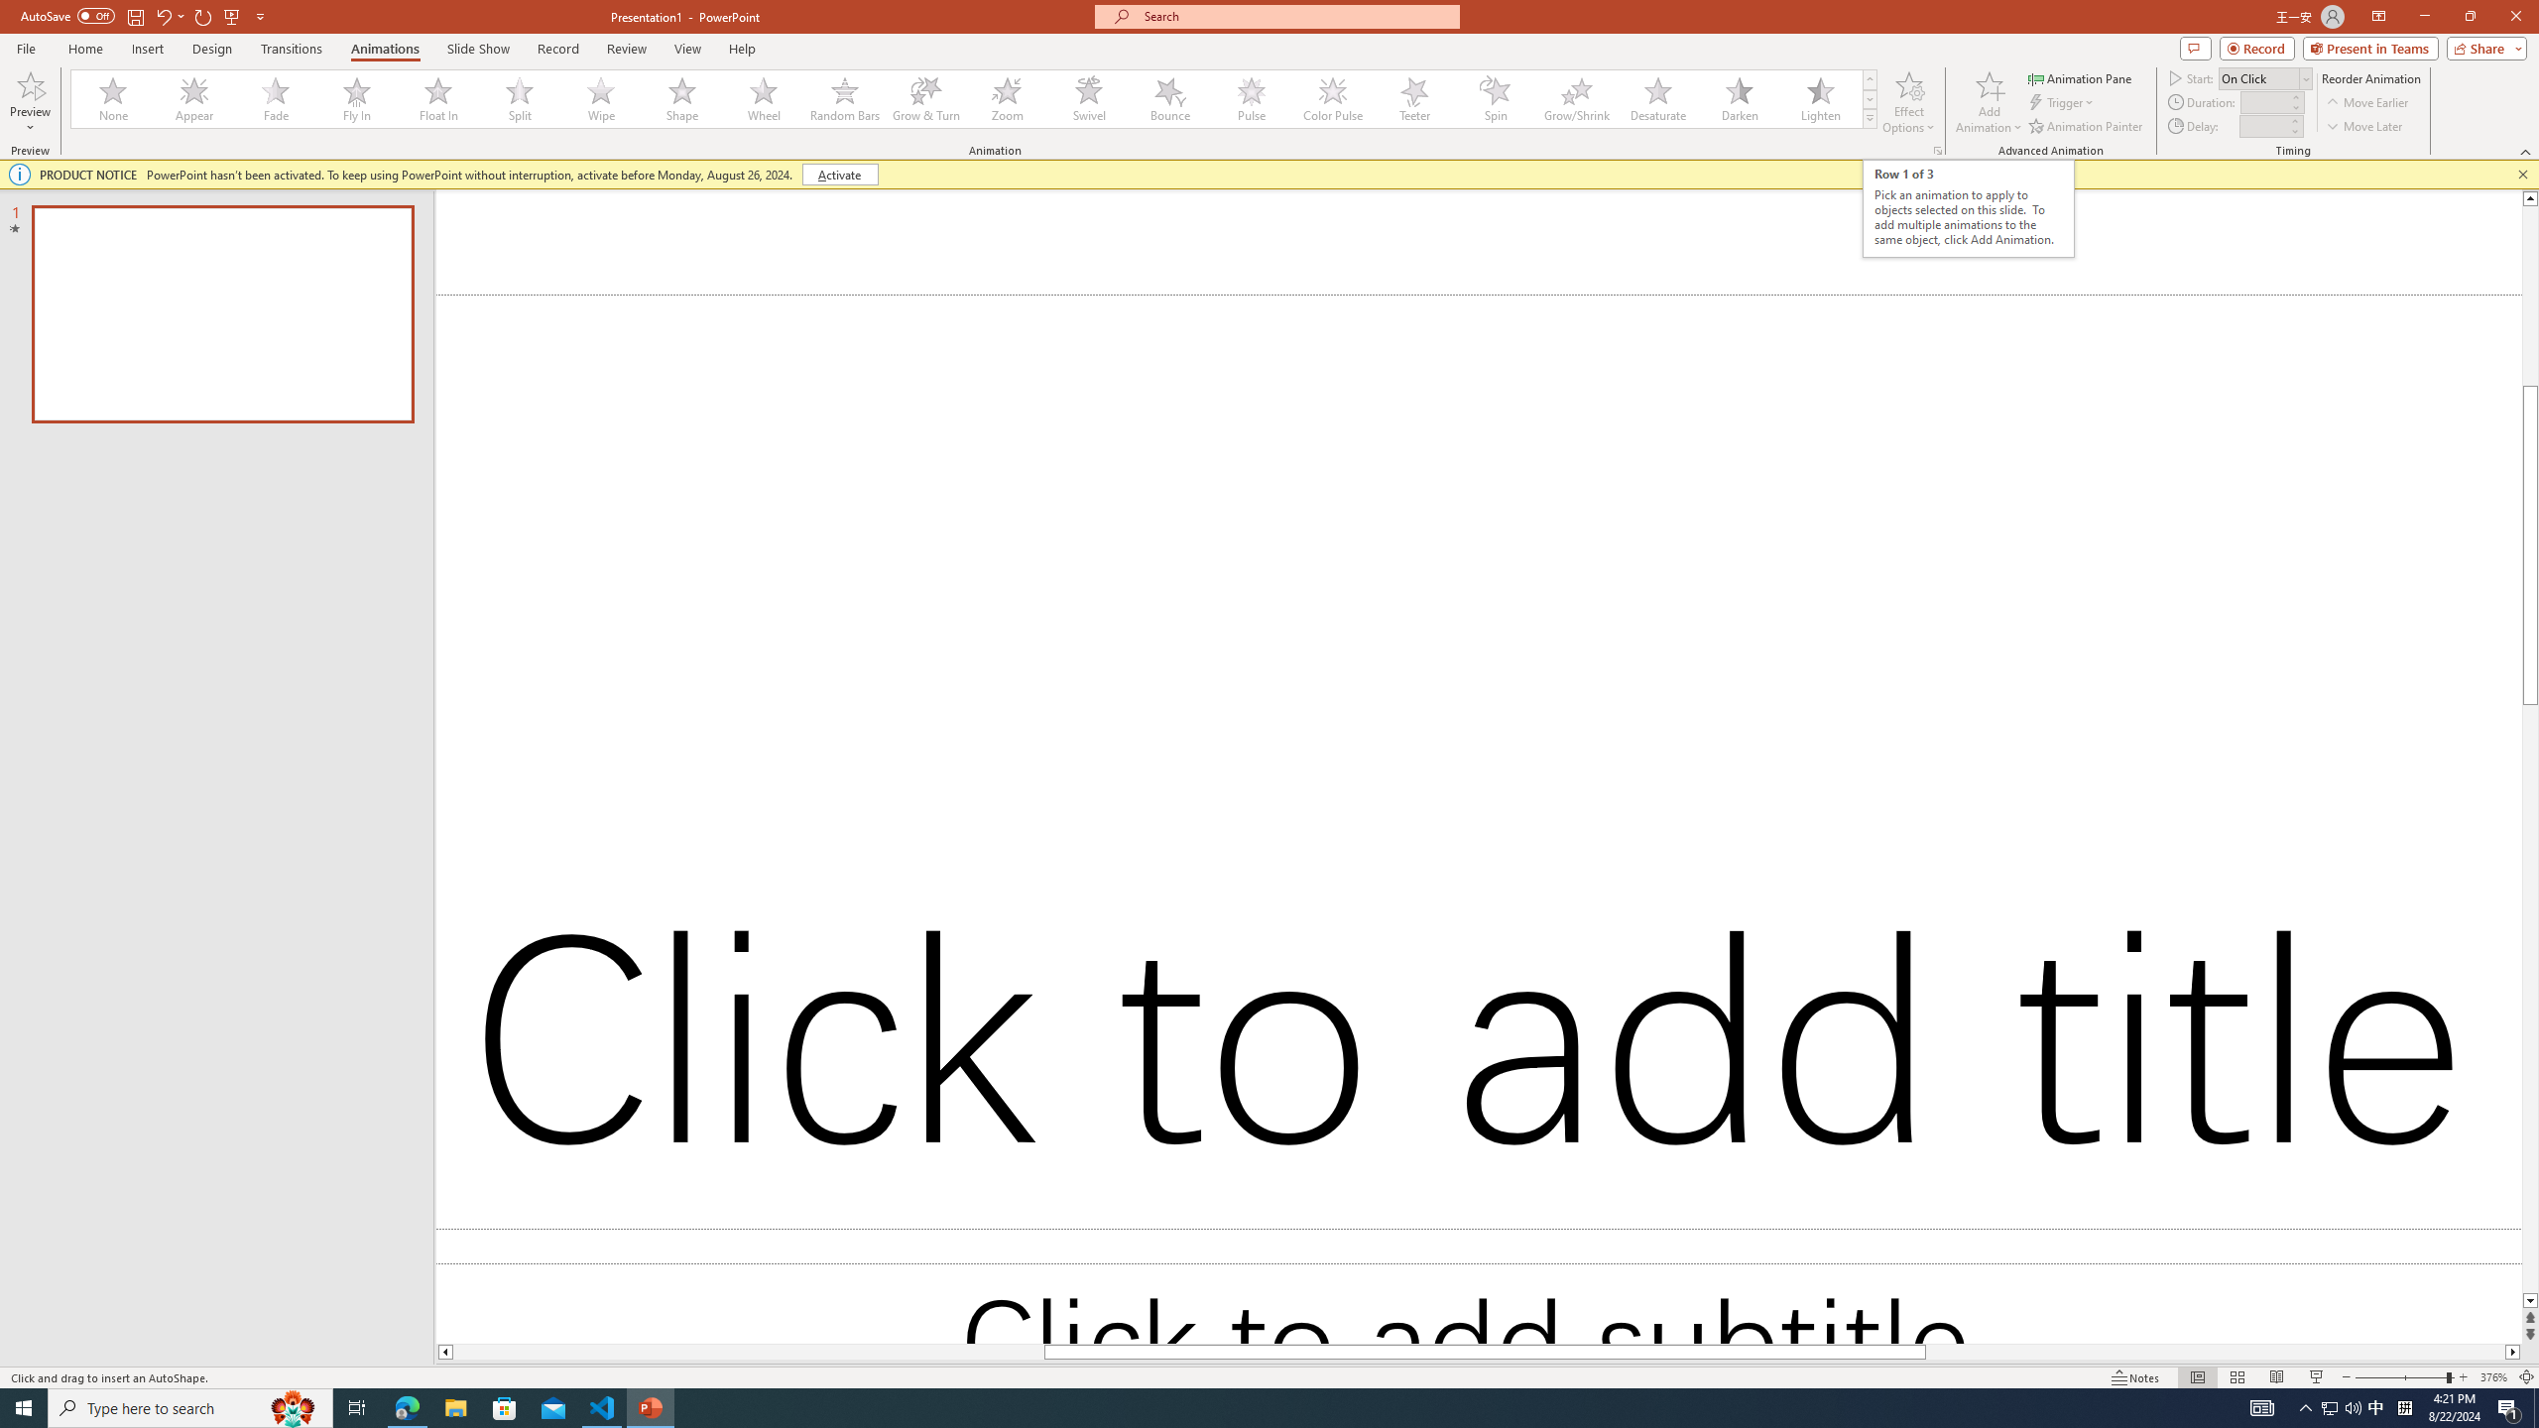 This screenshot has height=1428, width=2539. Describe the element at coordinates (2522, 174) in the screenshot. I see `'Close this message'` at that location.